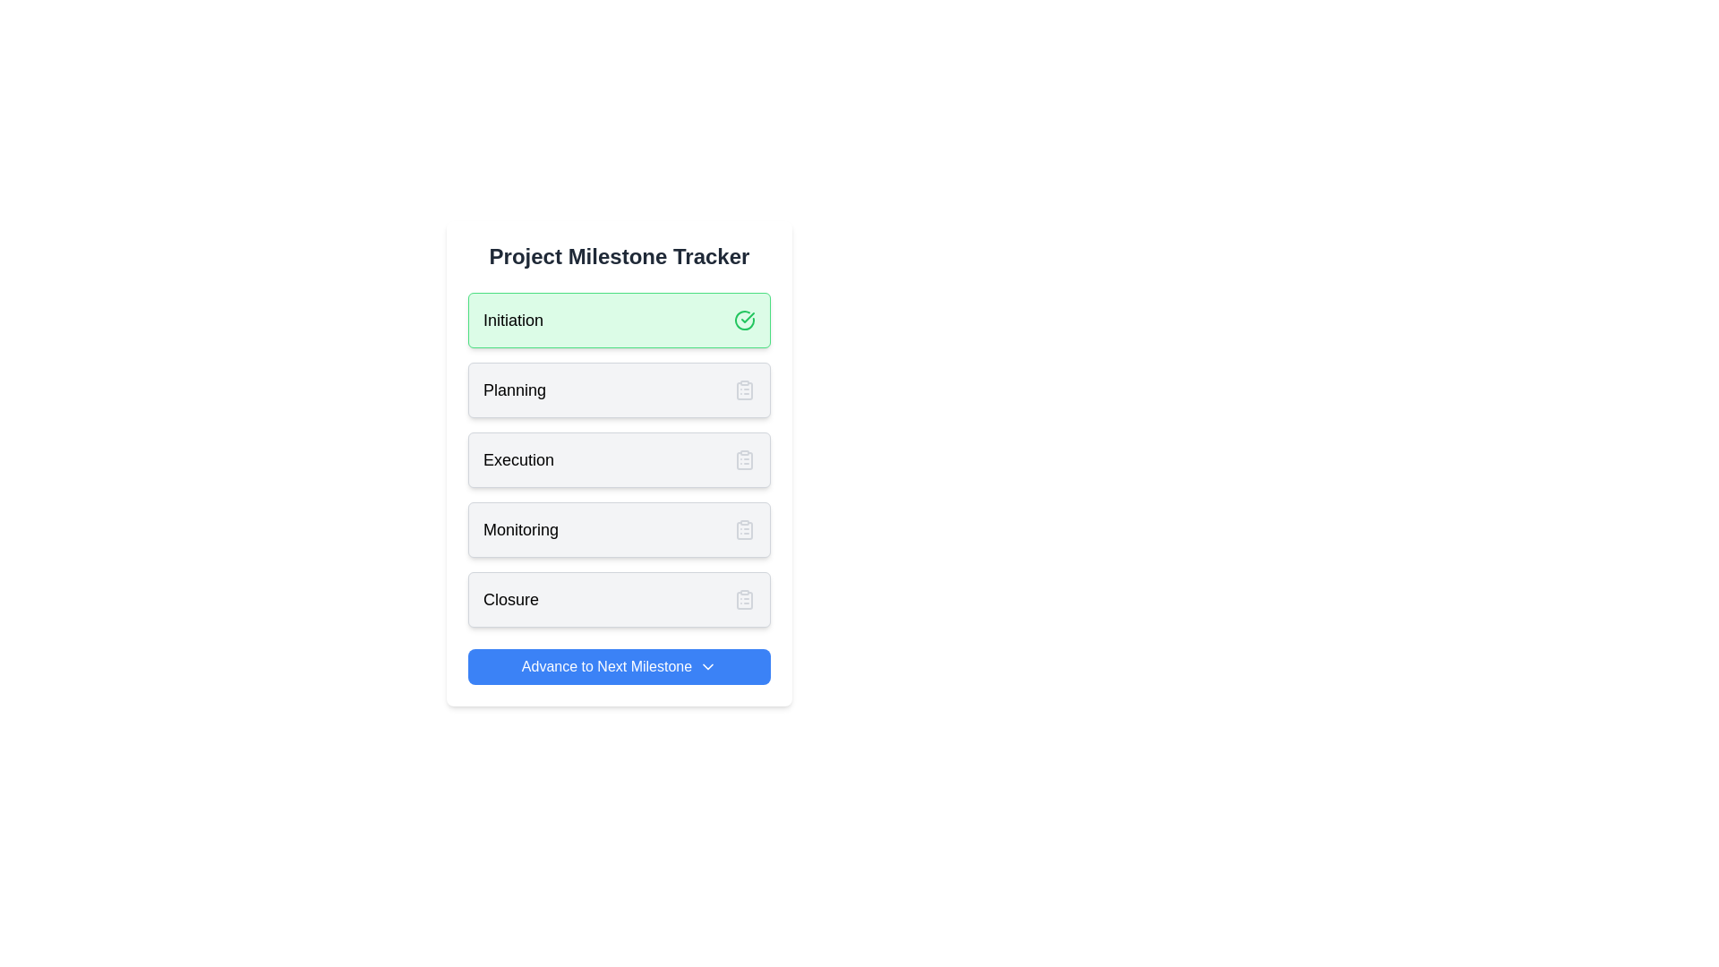 The width and height of the screenshot is (1719, 967). What do you see at coordinates (619, 666) in the screenshot?
I see `the button labeled 'Advance to Next Milestone' with a blue background to advance` at bounding box center [619, 666].